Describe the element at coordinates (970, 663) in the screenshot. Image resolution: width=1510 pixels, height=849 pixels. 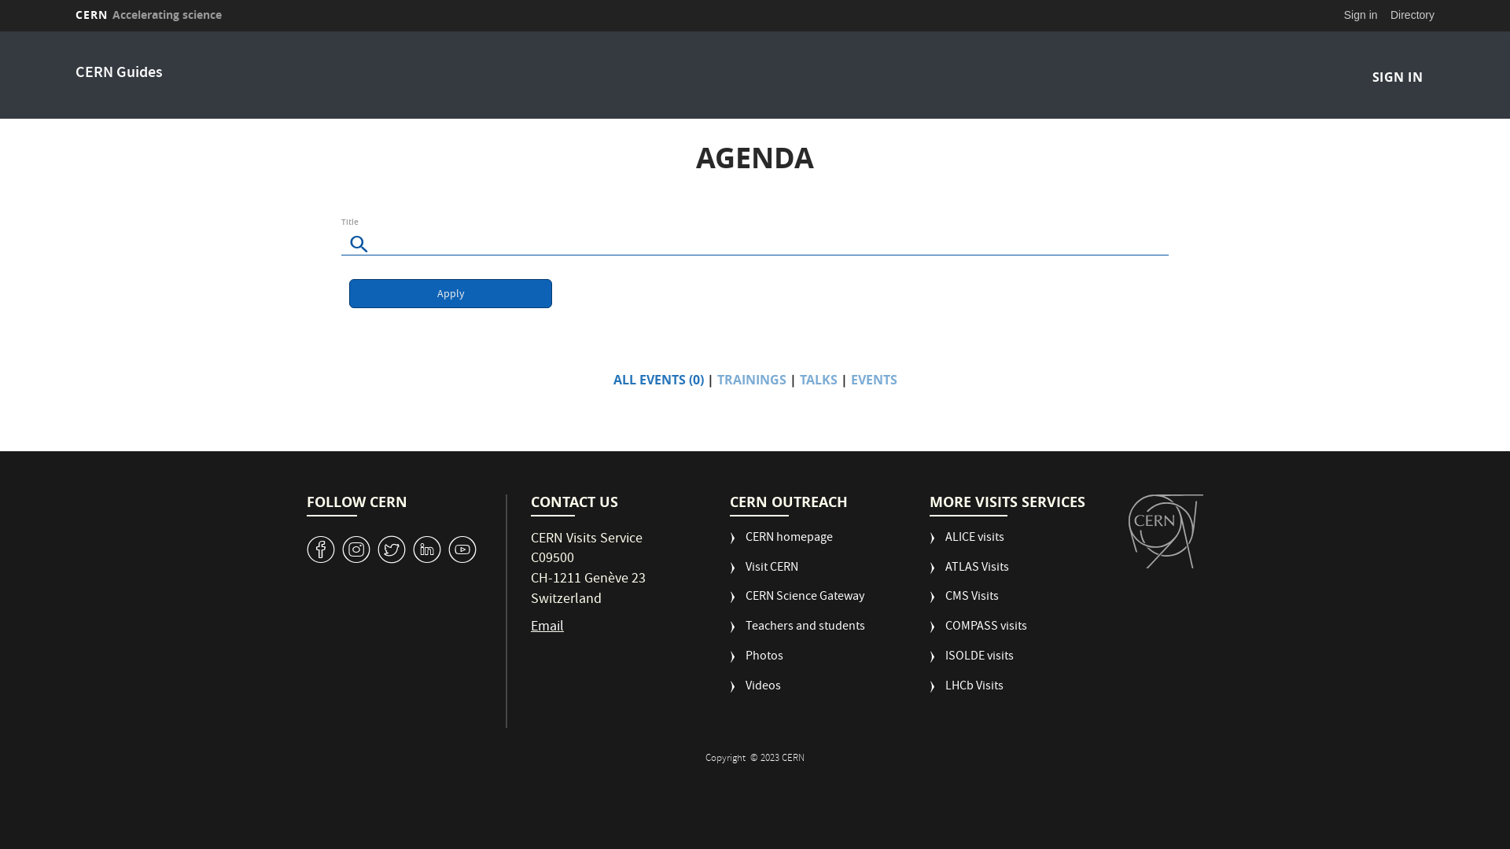
I see `'ISOLDE visits'` at that location.